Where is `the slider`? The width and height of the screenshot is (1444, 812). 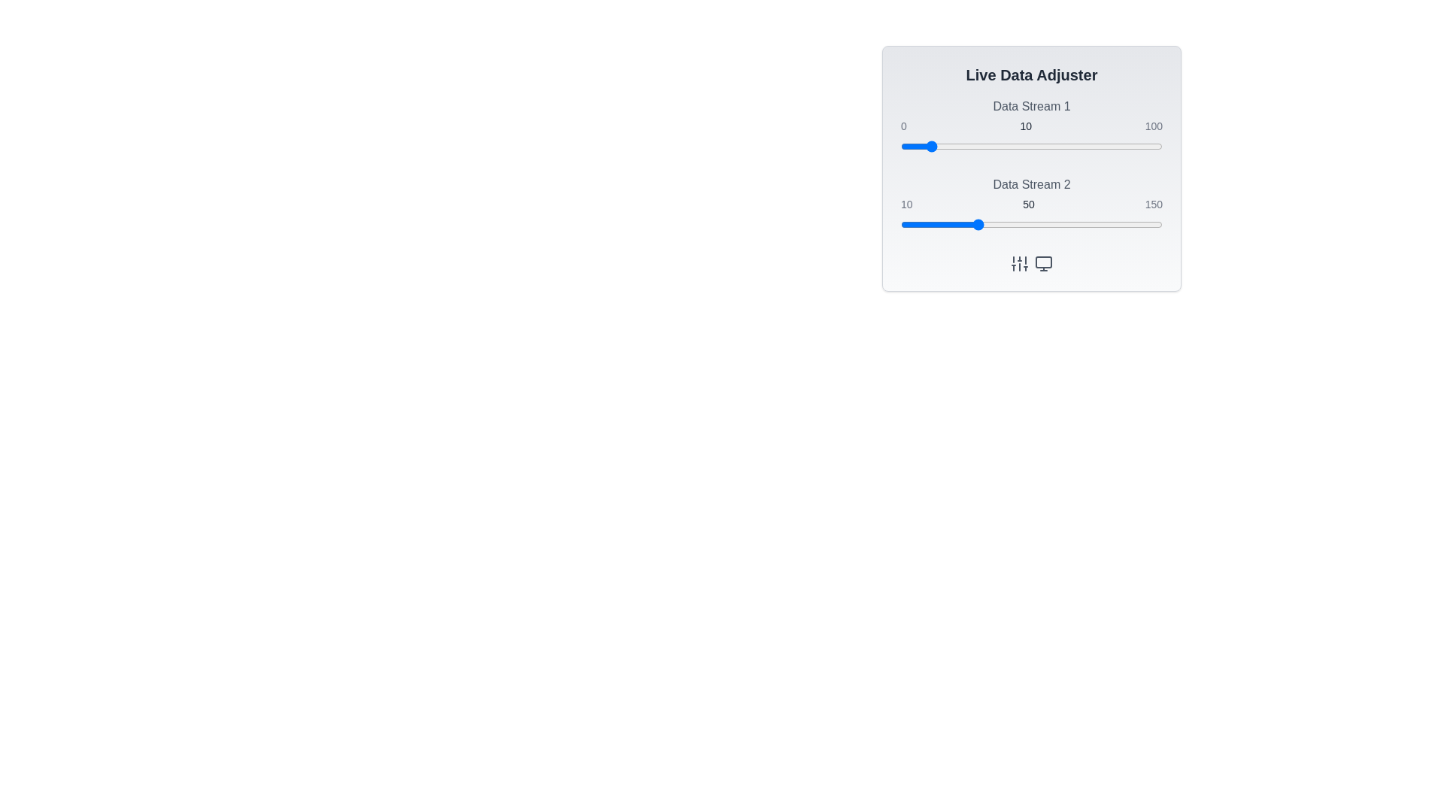 the slider is located at coordinates (1051, 147).